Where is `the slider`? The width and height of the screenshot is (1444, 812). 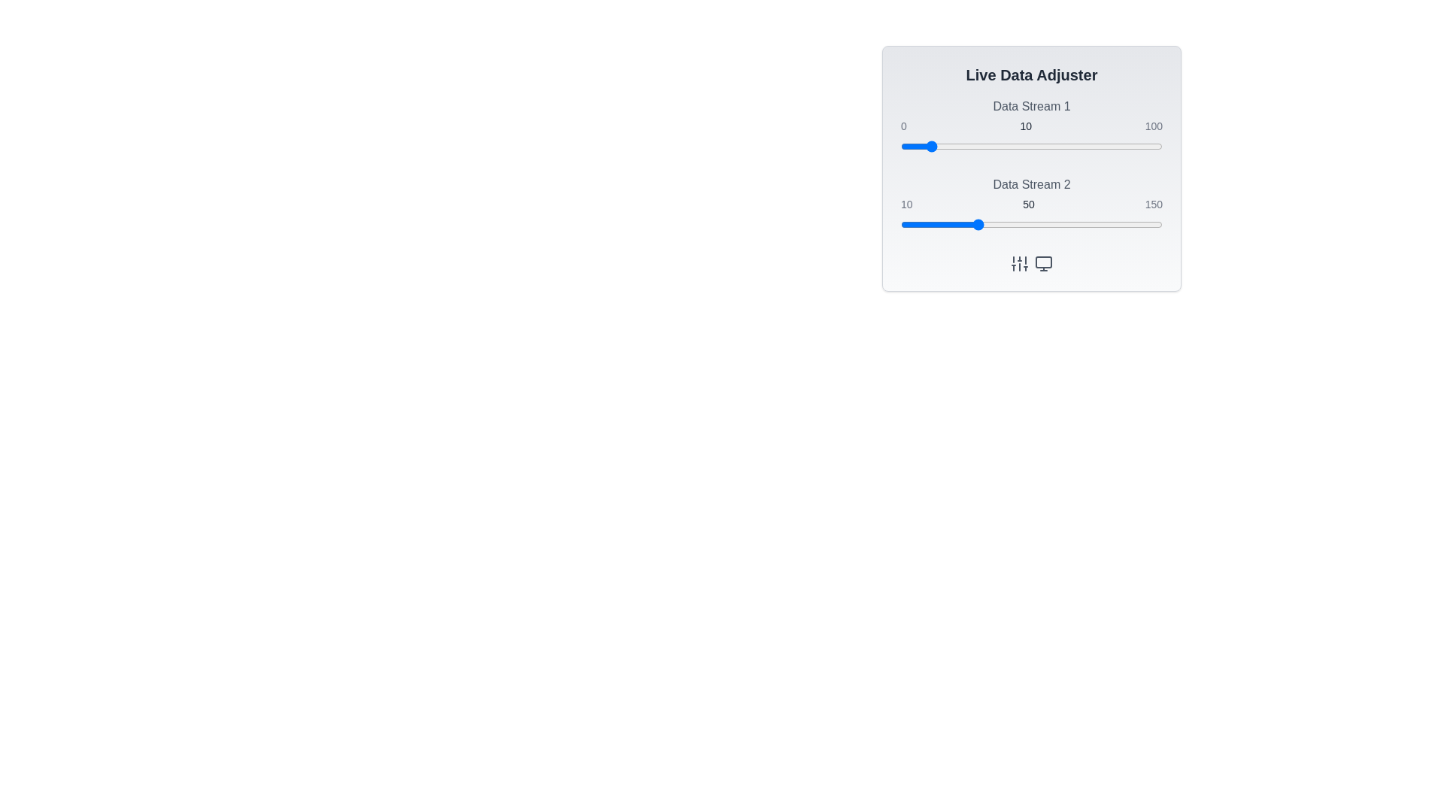 the slider is located at coordinates (1051, 147).